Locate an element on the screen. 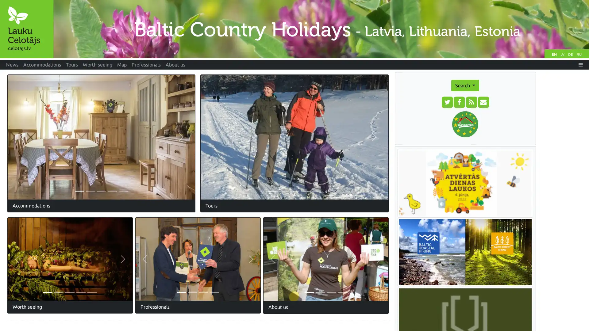 This screenshot has height=331, width=589. Next is located at coordinates (181, 137).